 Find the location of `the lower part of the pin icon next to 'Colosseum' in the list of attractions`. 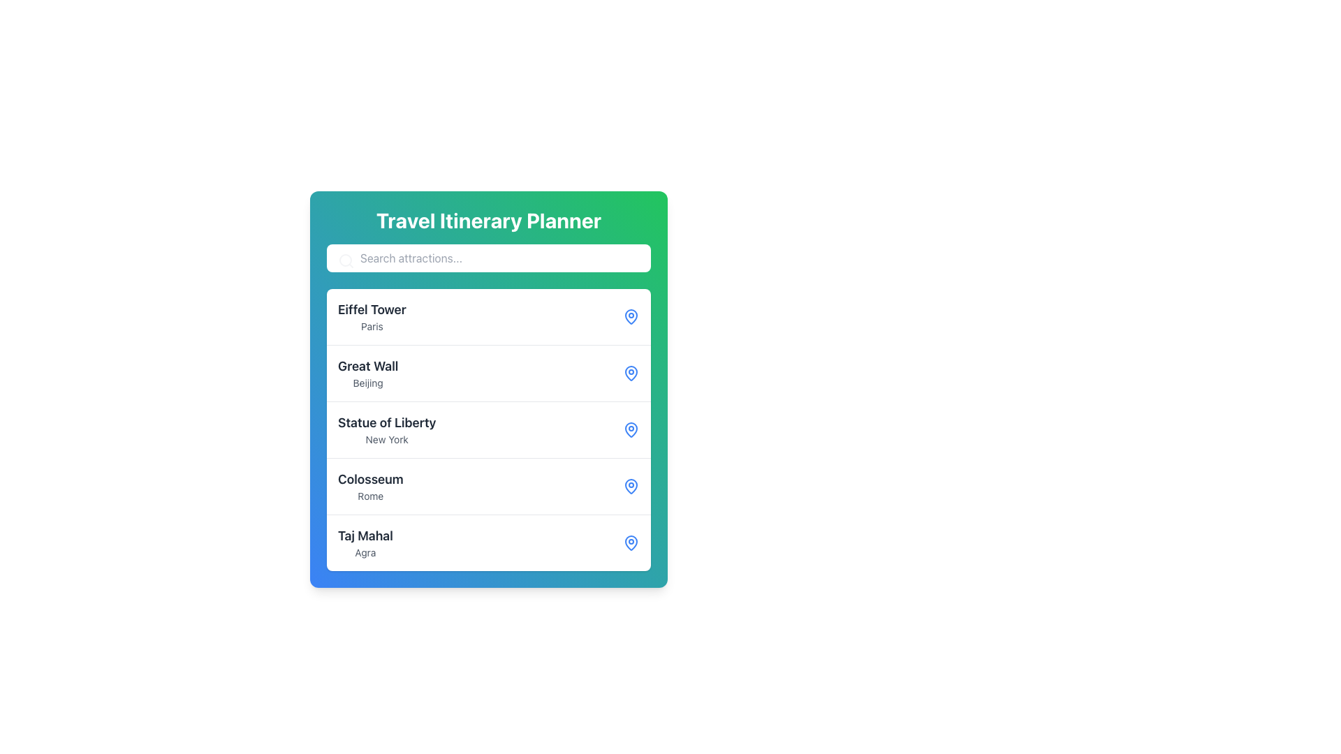

the lower part of the pin icon next to 'Colosseum' in the list of attractions is located at coordinates (630, 485).